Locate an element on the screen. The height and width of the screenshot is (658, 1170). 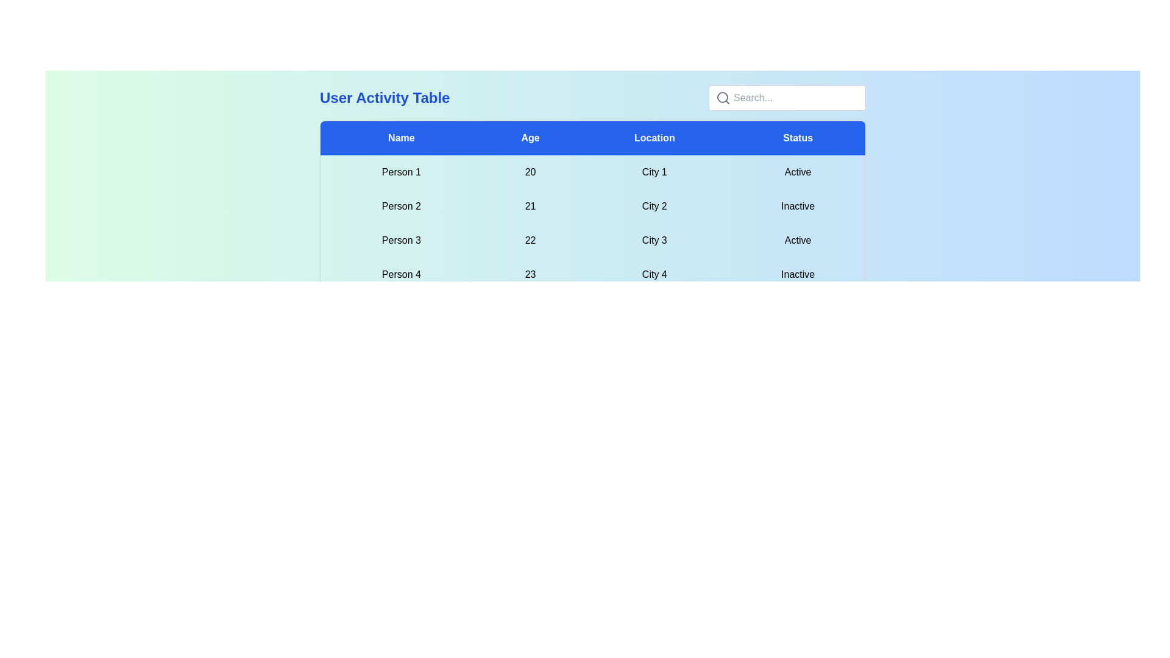
the row corresponding to 1 is located at coordinates (593, 172).